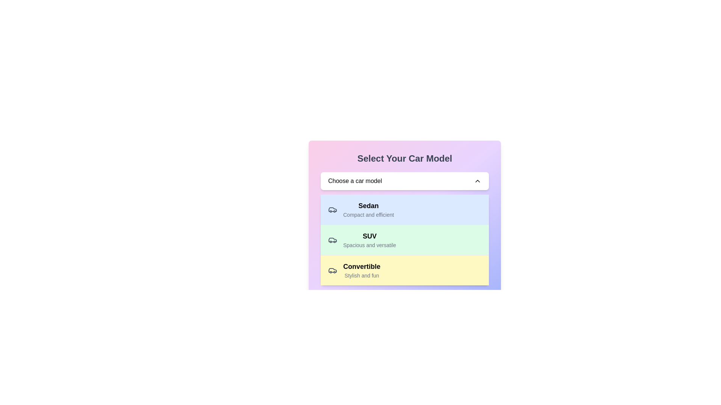 The height and width of the screenshot is (405, 721). Describe the element at coordinates (404, 219) in the screenshot. I see `the Panel with a gradient background transitioning from pink to purple to indigo, which contains a title, dropdown selector, and selectable options` at that location.